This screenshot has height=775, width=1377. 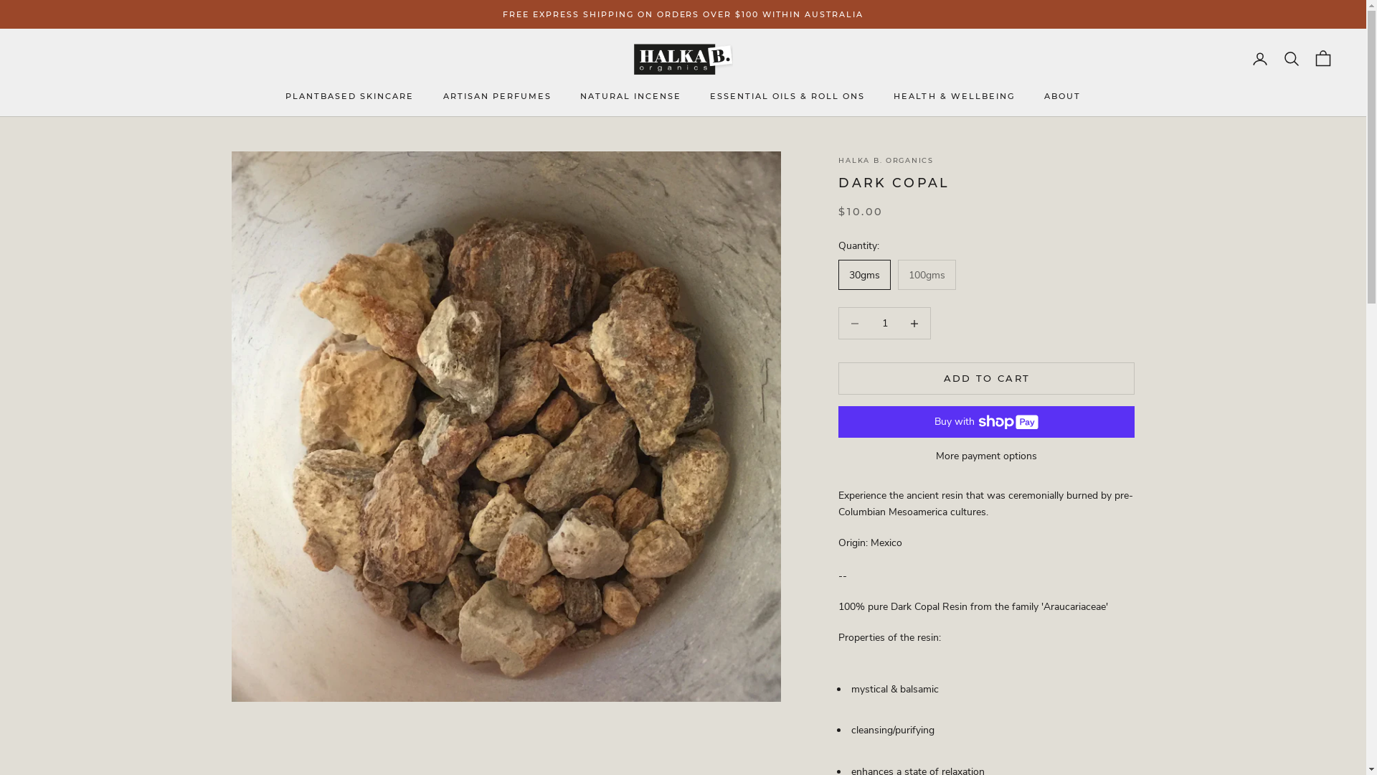 I want to click on 'Open cart', so click(x=1322, y=57).